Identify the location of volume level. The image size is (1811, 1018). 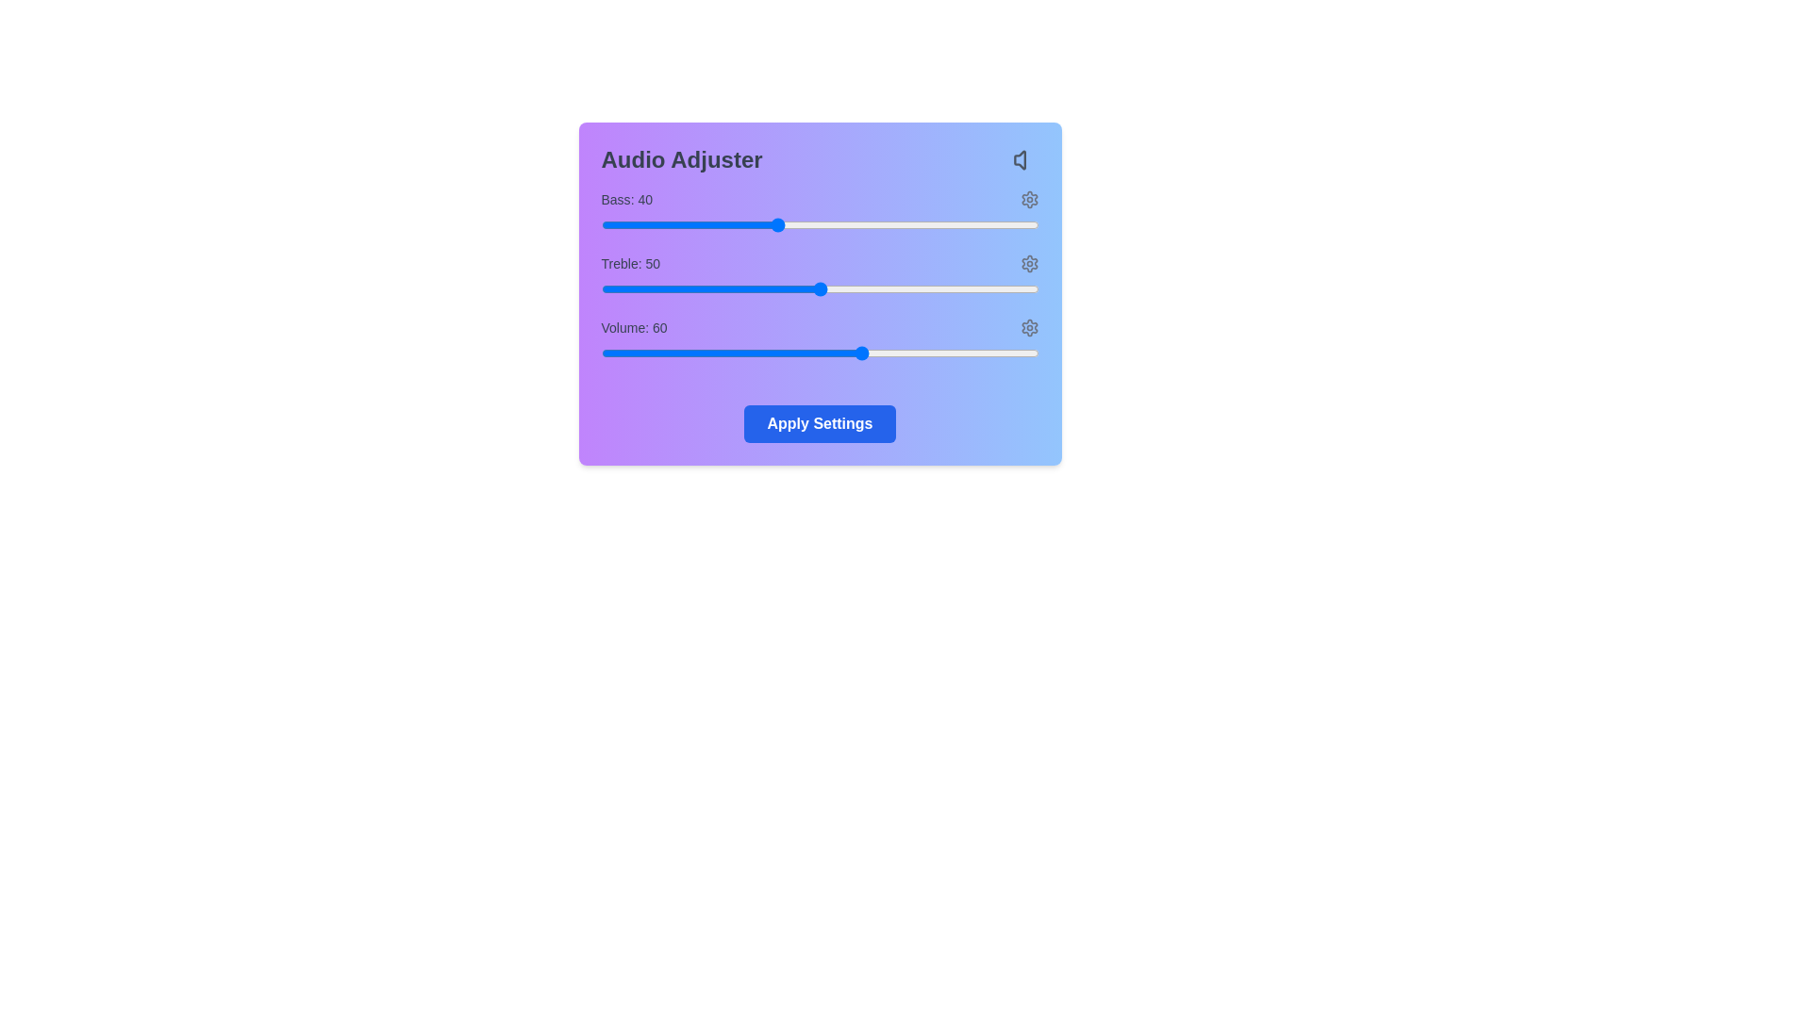
(946, 353).